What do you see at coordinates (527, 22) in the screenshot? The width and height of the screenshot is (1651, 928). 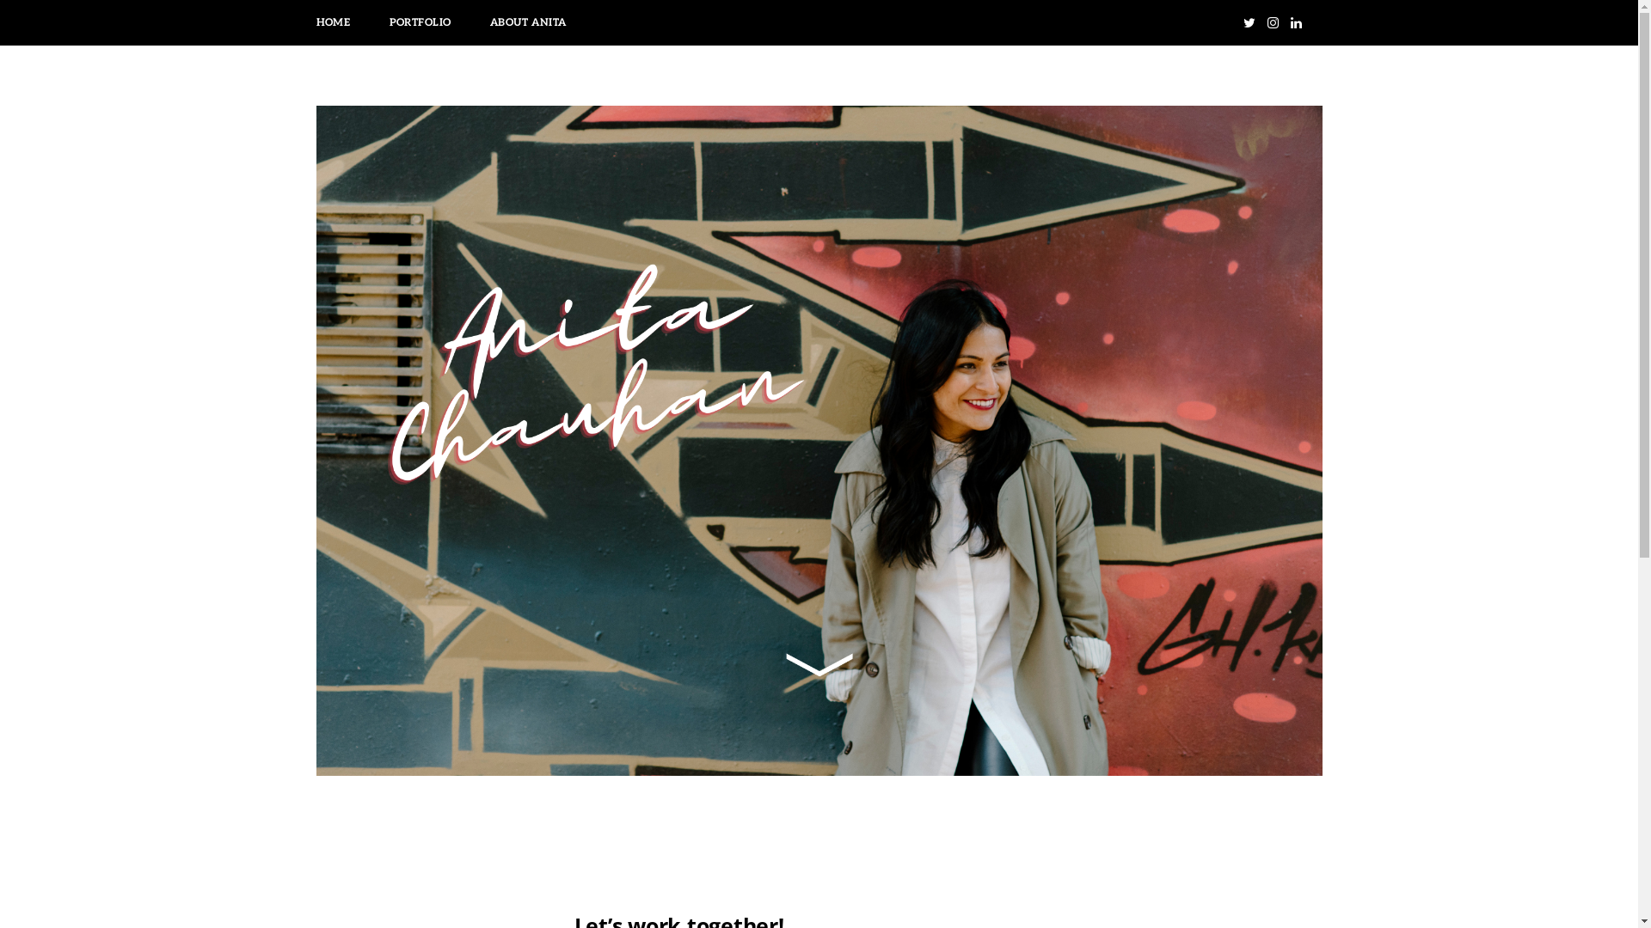 I see `'ABOUT ANITA'` at bounding box center [527, 22].